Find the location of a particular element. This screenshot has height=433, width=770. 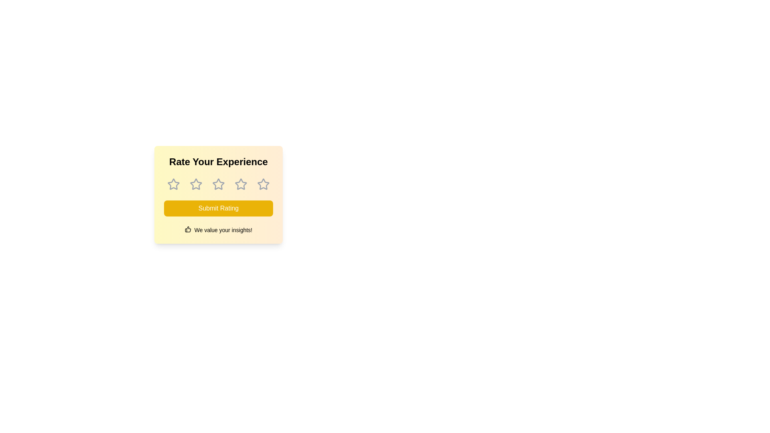

the third star icon in the rating widget is located at coordinates (240, 184).